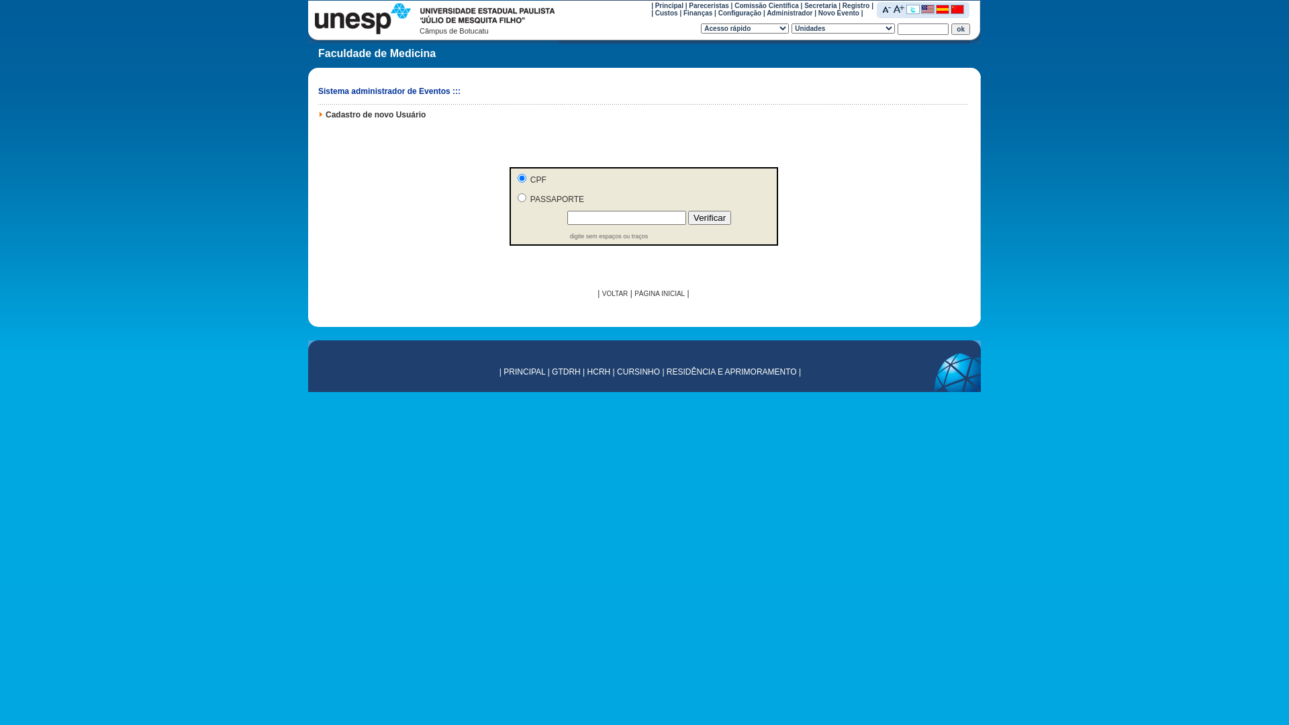  Describe the element at coordinates (598, 372) in the screenshot. I see `'HCRH'` at that location.